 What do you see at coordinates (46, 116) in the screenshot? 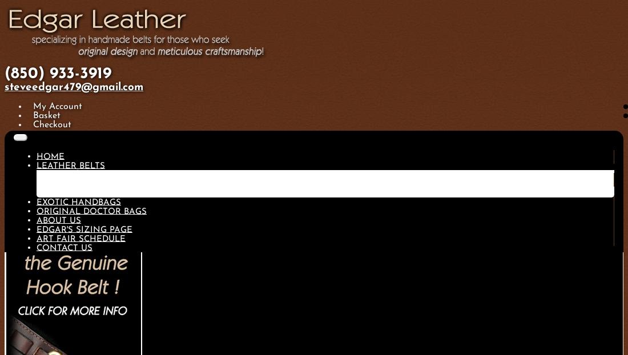
I see `'Basket'` at bounding box center [46, 116].